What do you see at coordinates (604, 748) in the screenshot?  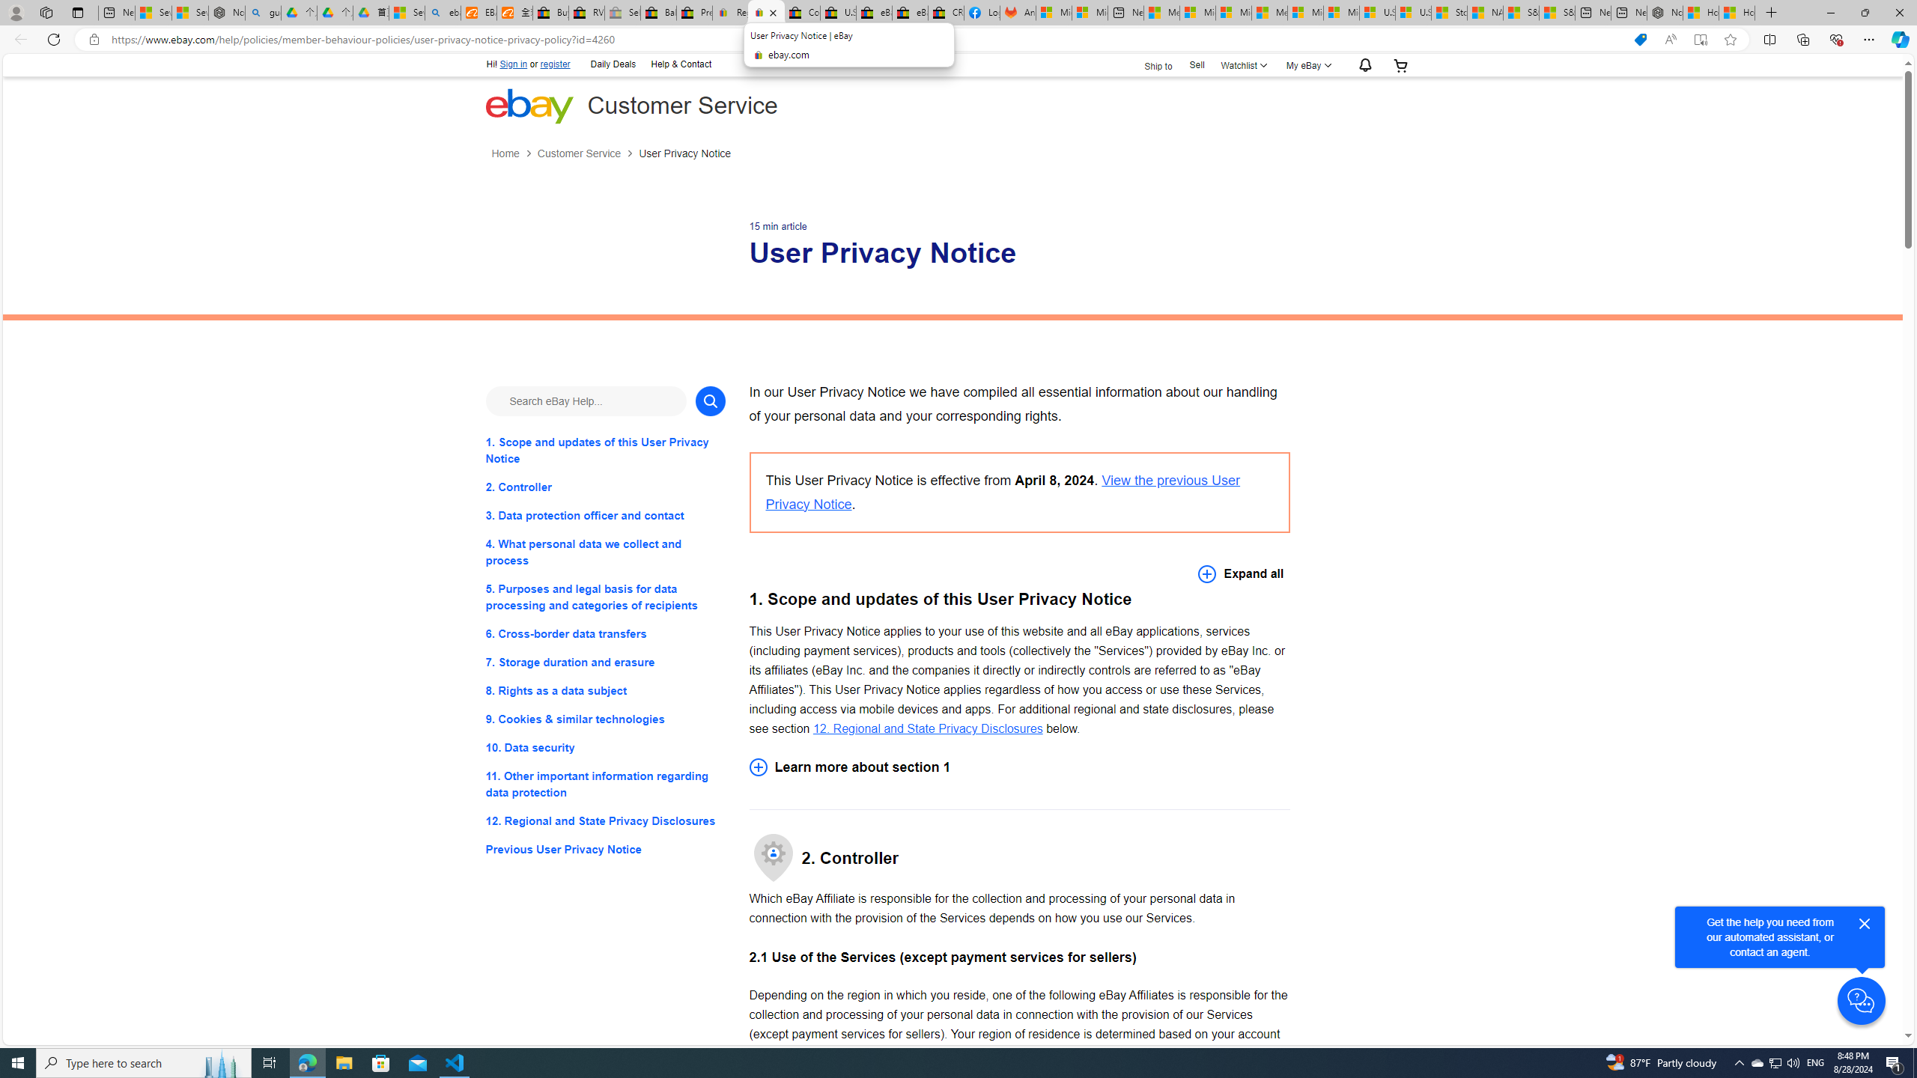 I see `'10. Data security'` at bounding box center [604, 748].